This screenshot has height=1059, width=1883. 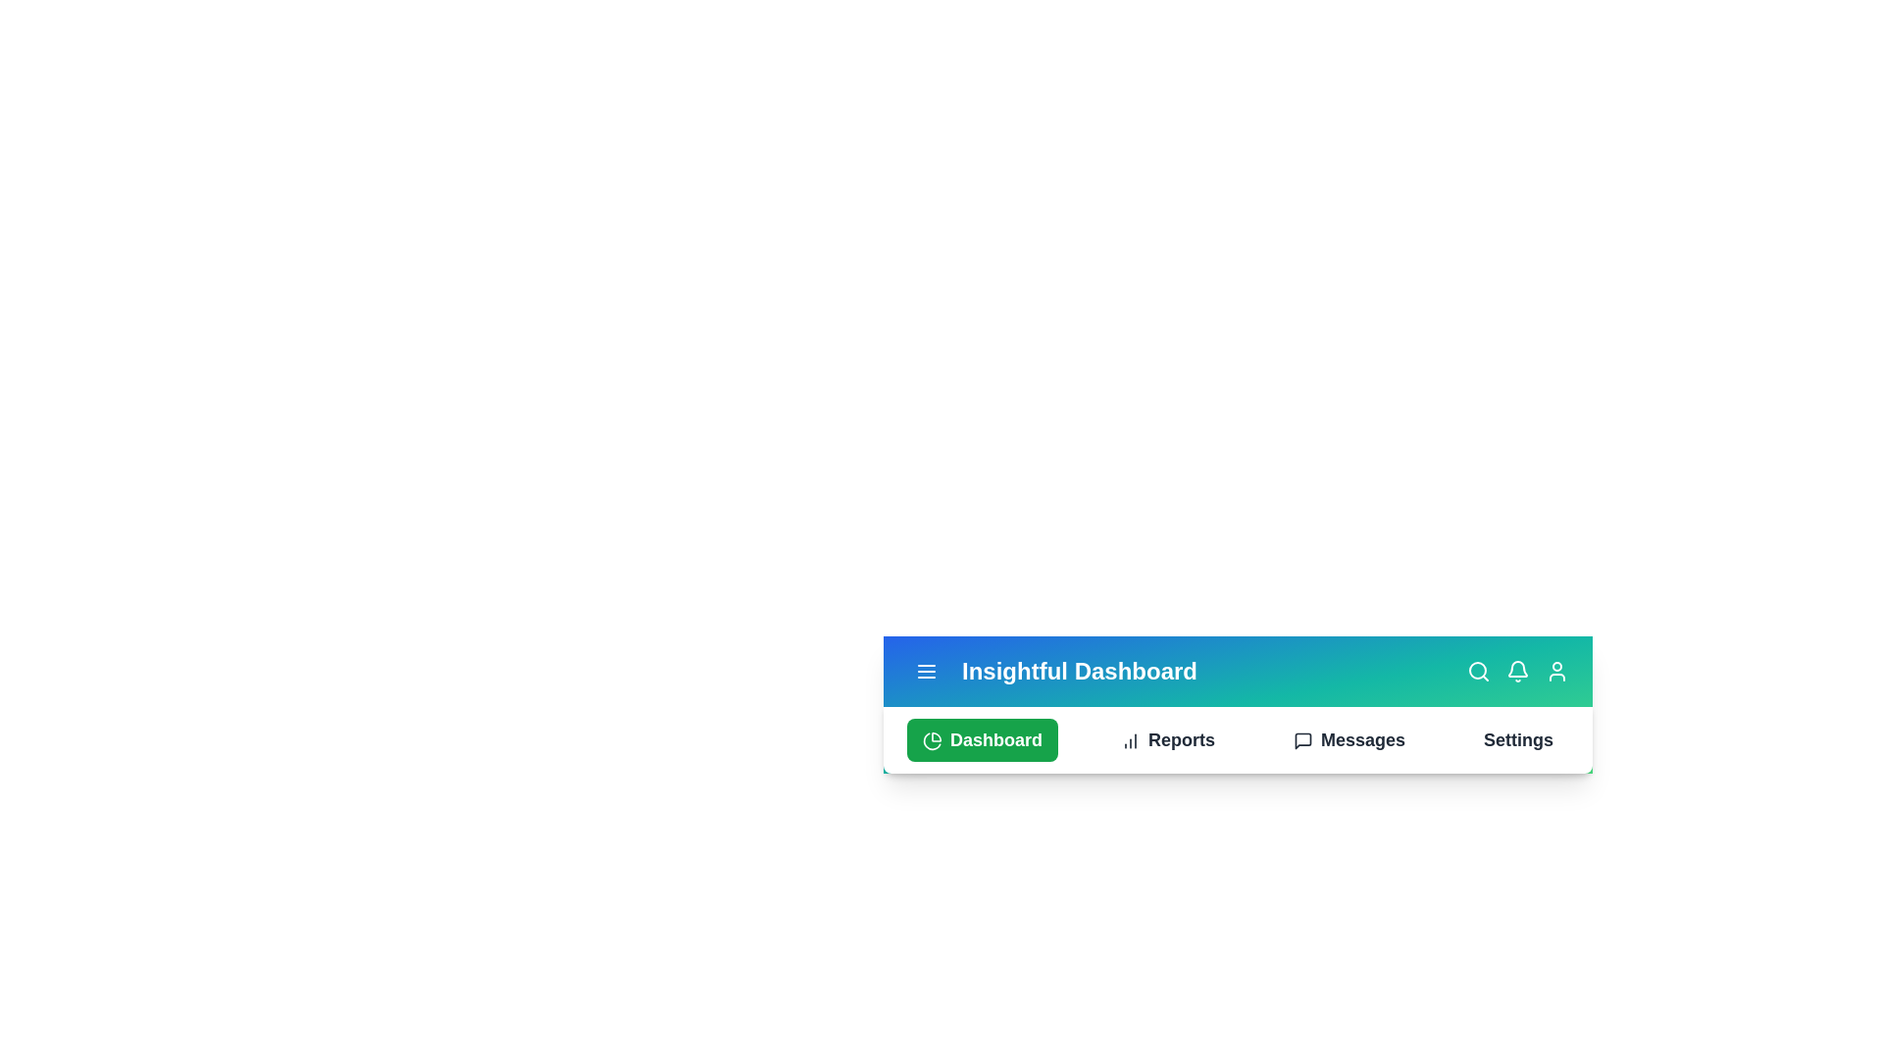 I want to click on the Search icon to interact with it, so click(x=1478, y=671).